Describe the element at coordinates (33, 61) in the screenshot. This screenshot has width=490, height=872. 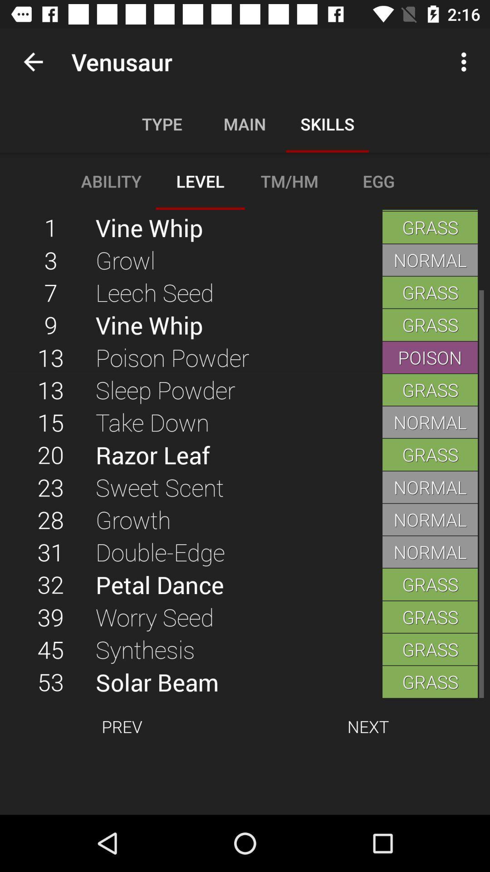
I see `item above the 1` at that location.